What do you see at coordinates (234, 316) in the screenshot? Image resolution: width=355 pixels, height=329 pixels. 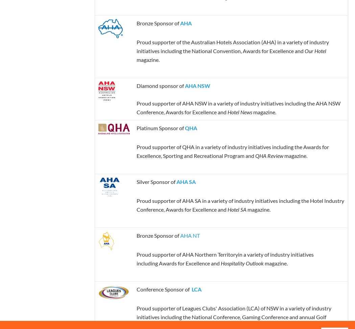 I see `'Proud supporter of Leagues Clubs' Association (LCA) of NSW in a variety of industry initiatives including the National Conference, Gaming Conference and annual Golf Tournament.'` at bounding box center [234, 316].